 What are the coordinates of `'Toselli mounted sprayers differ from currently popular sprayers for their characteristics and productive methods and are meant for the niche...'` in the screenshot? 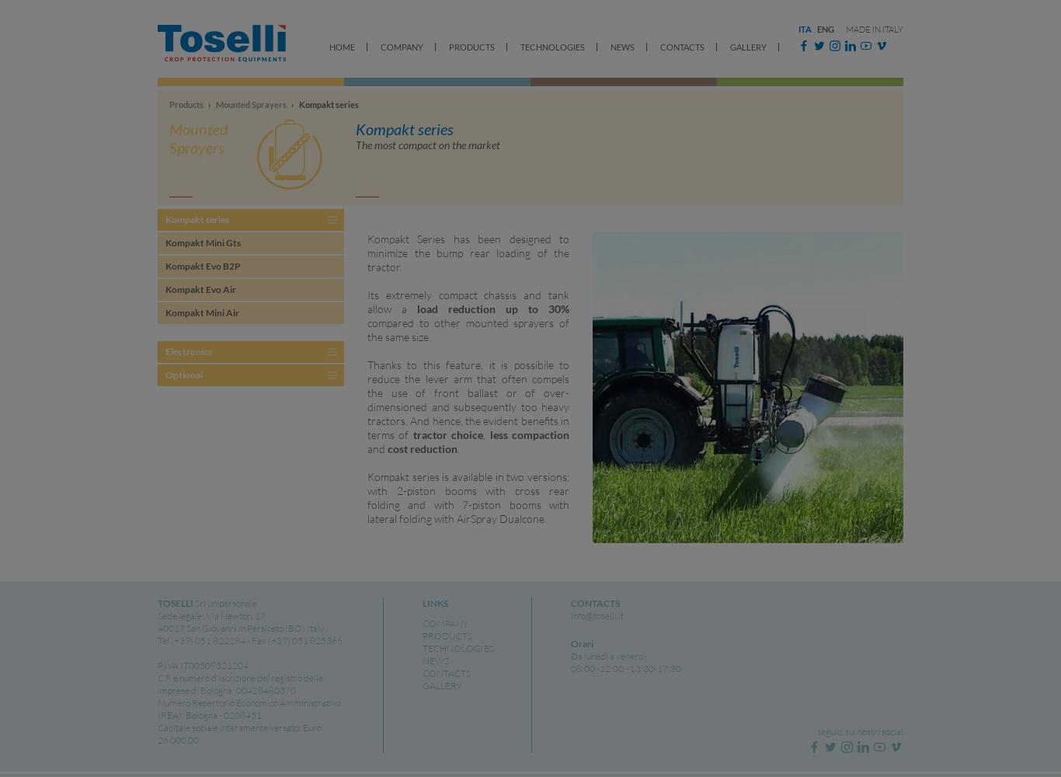 It's located at (245, 107).